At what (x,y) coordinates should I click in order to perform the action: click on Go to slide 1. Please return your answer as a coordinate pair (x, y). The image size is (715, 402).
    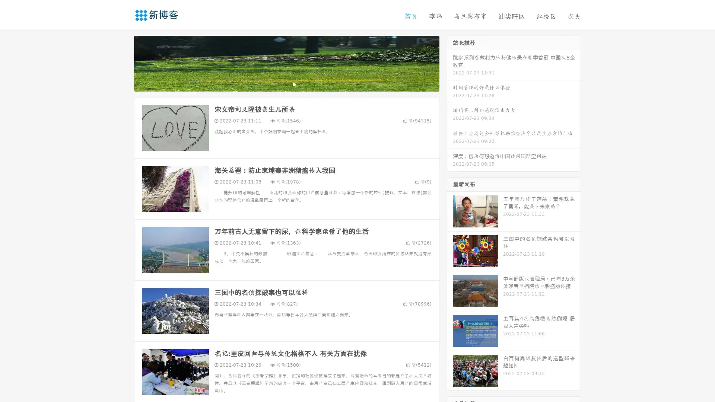
    Looking at the image, I should click on (279, 84).